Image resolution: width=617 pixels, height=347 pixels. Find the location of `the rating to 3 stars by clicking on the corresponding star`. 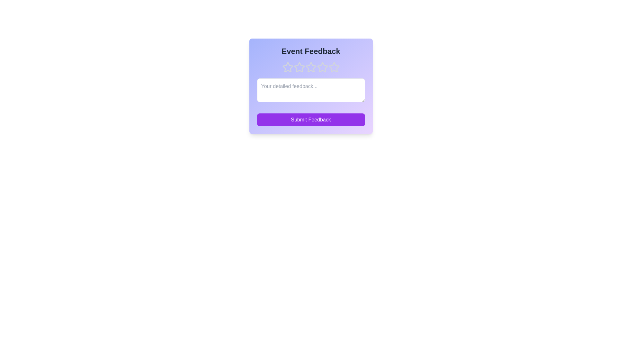

the rating to 3 stars by clicking on the corresponding star is located at coordinates (311, 67).